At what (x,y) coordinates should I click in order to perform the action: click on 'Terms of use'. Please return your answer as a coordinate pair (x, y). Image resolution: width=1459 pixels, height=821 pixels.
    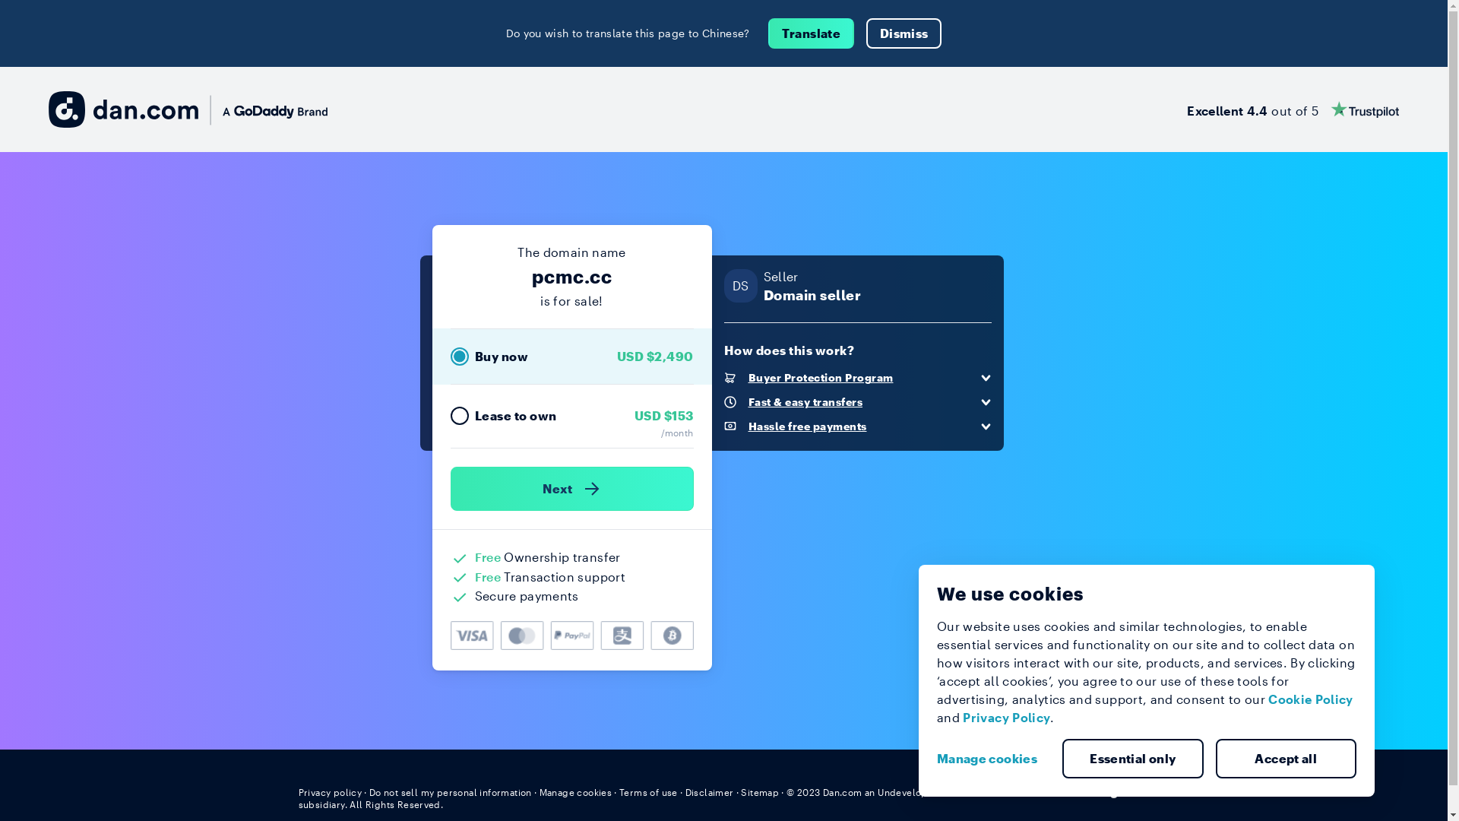
    Looking at the image, I should click on (648, 791).